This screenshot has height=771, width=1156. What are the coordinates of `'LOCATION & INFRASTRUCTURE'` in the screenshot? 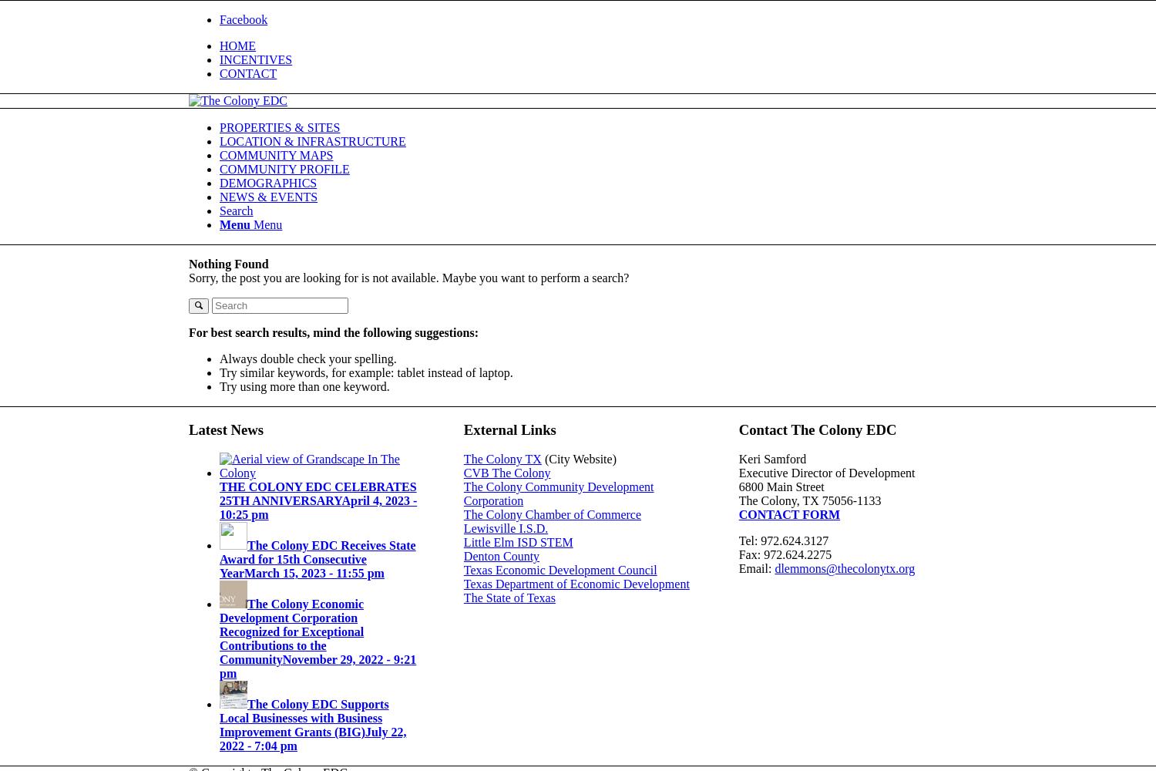 It's located at (312, 141).